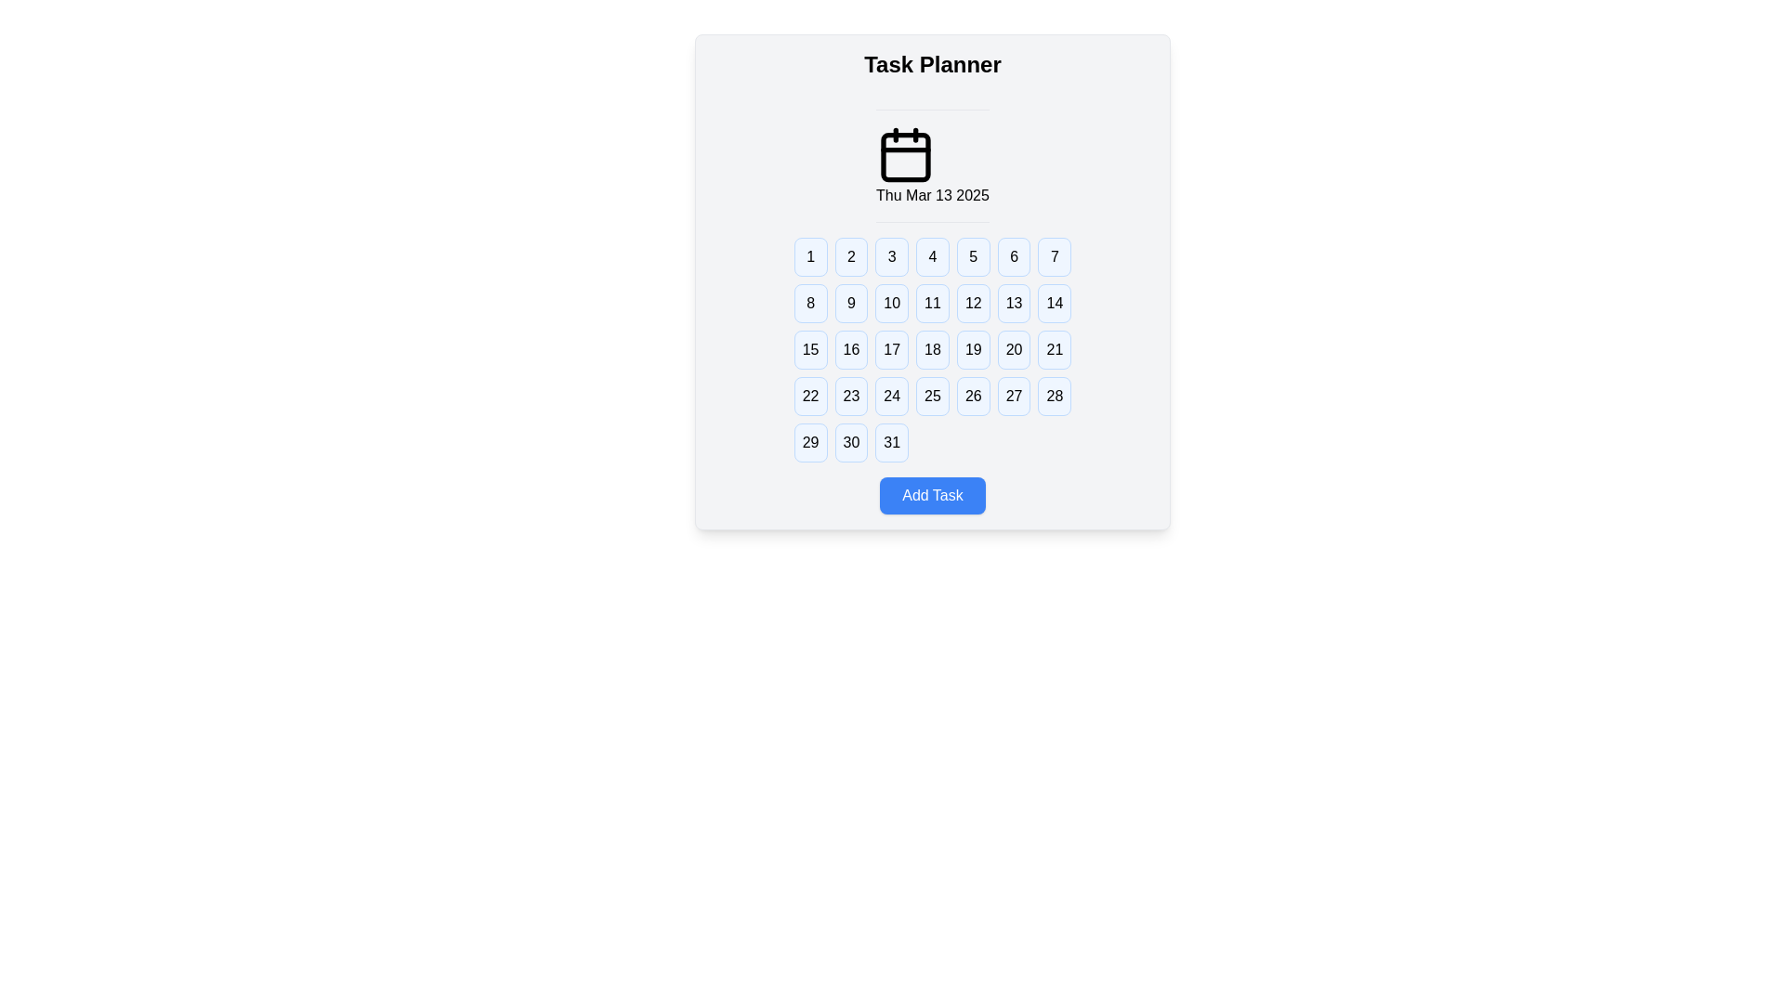  What do you see at coordinates (810, 303) in the screenshot?
I see `the button with the number '8' in bold black text, located in the second row and first column of the calendar grid` at bounding box center [810, 303].